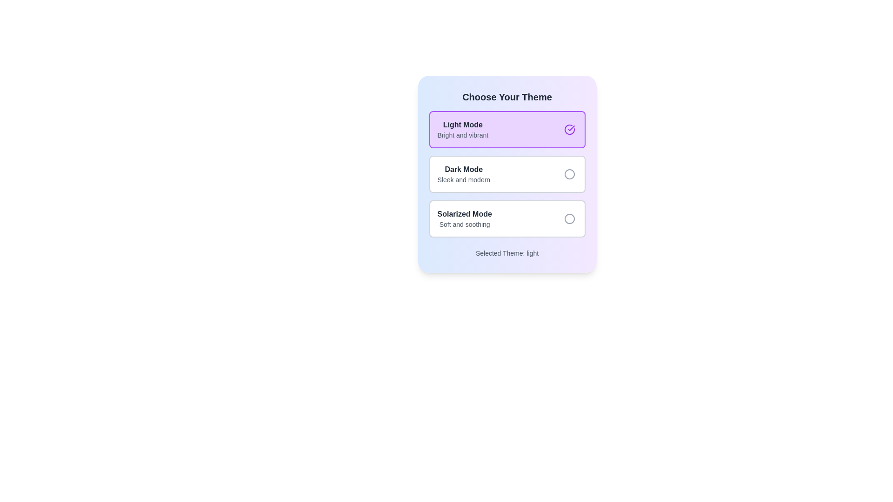  What do you see at coordinates (467, 174) in the screenshot?
I see `the 'Dark Mode' label element in the settings menu` at bounding box center [467, 174].